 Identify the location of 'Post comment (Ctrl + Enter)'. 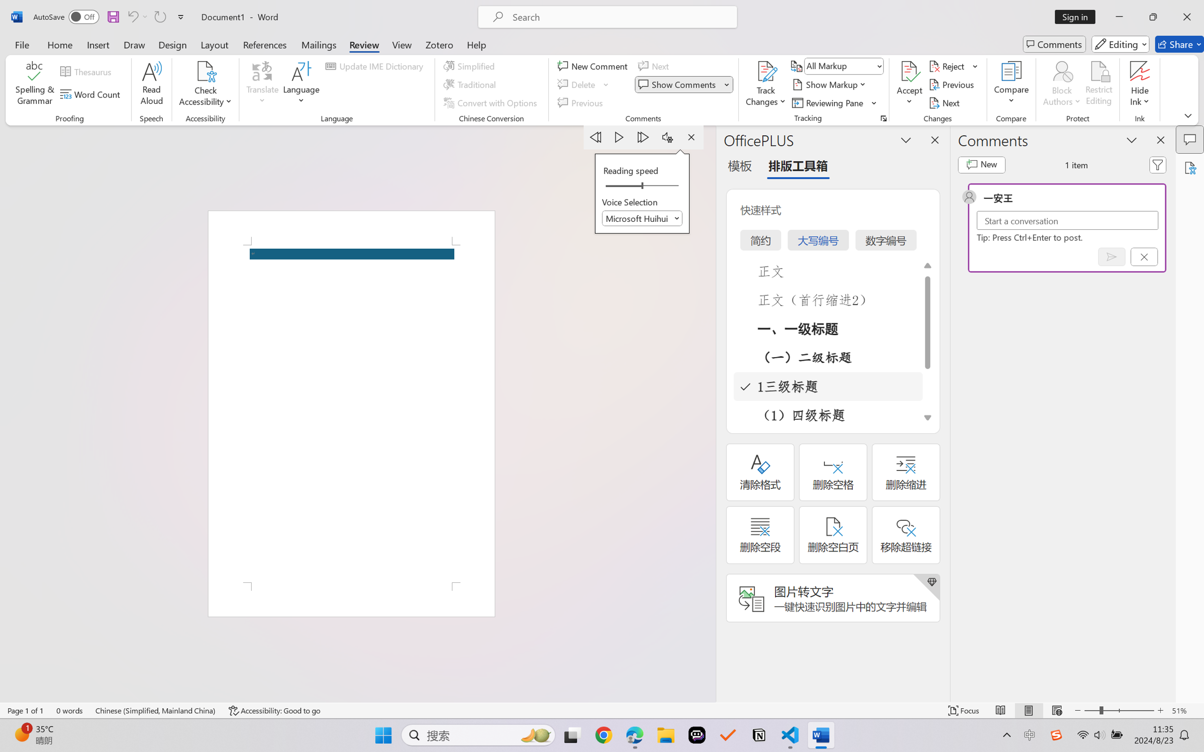
(1111, 256).